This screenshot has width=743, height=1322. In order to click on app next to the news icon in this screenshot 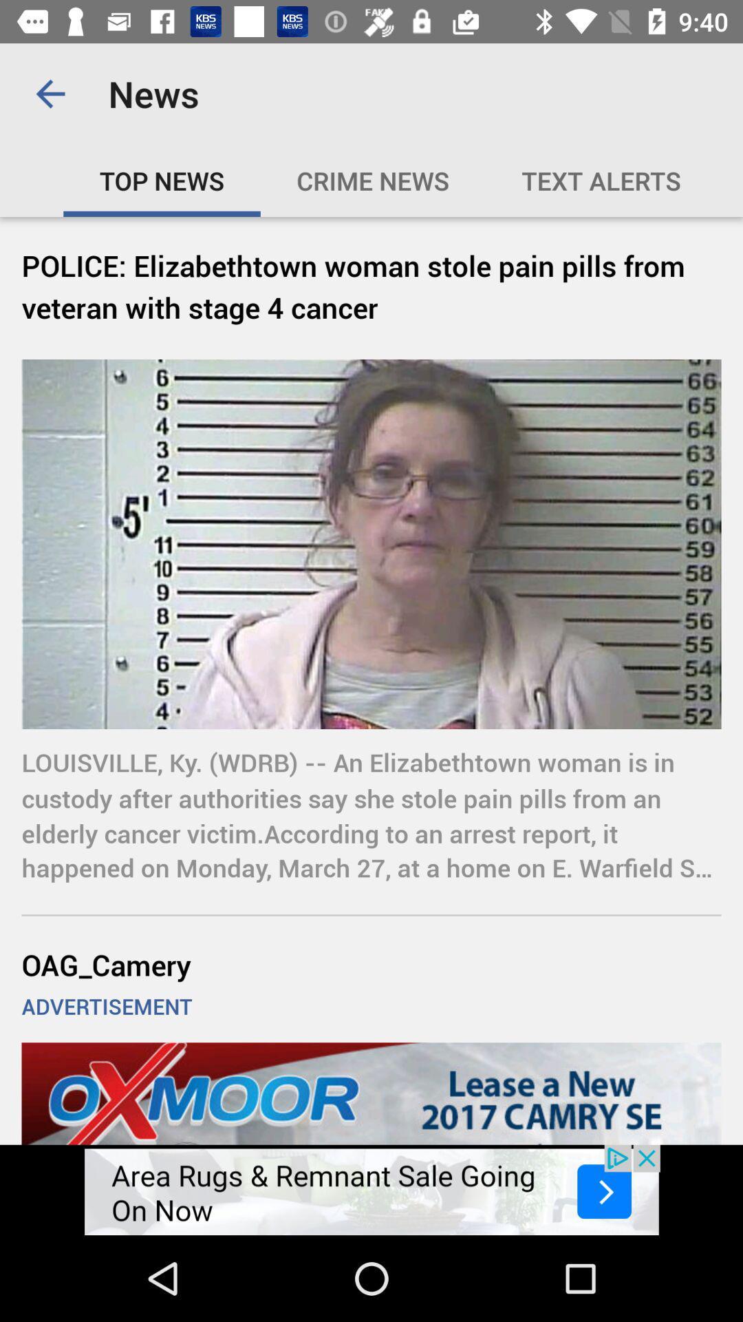, I will do `click(50, 93)`.